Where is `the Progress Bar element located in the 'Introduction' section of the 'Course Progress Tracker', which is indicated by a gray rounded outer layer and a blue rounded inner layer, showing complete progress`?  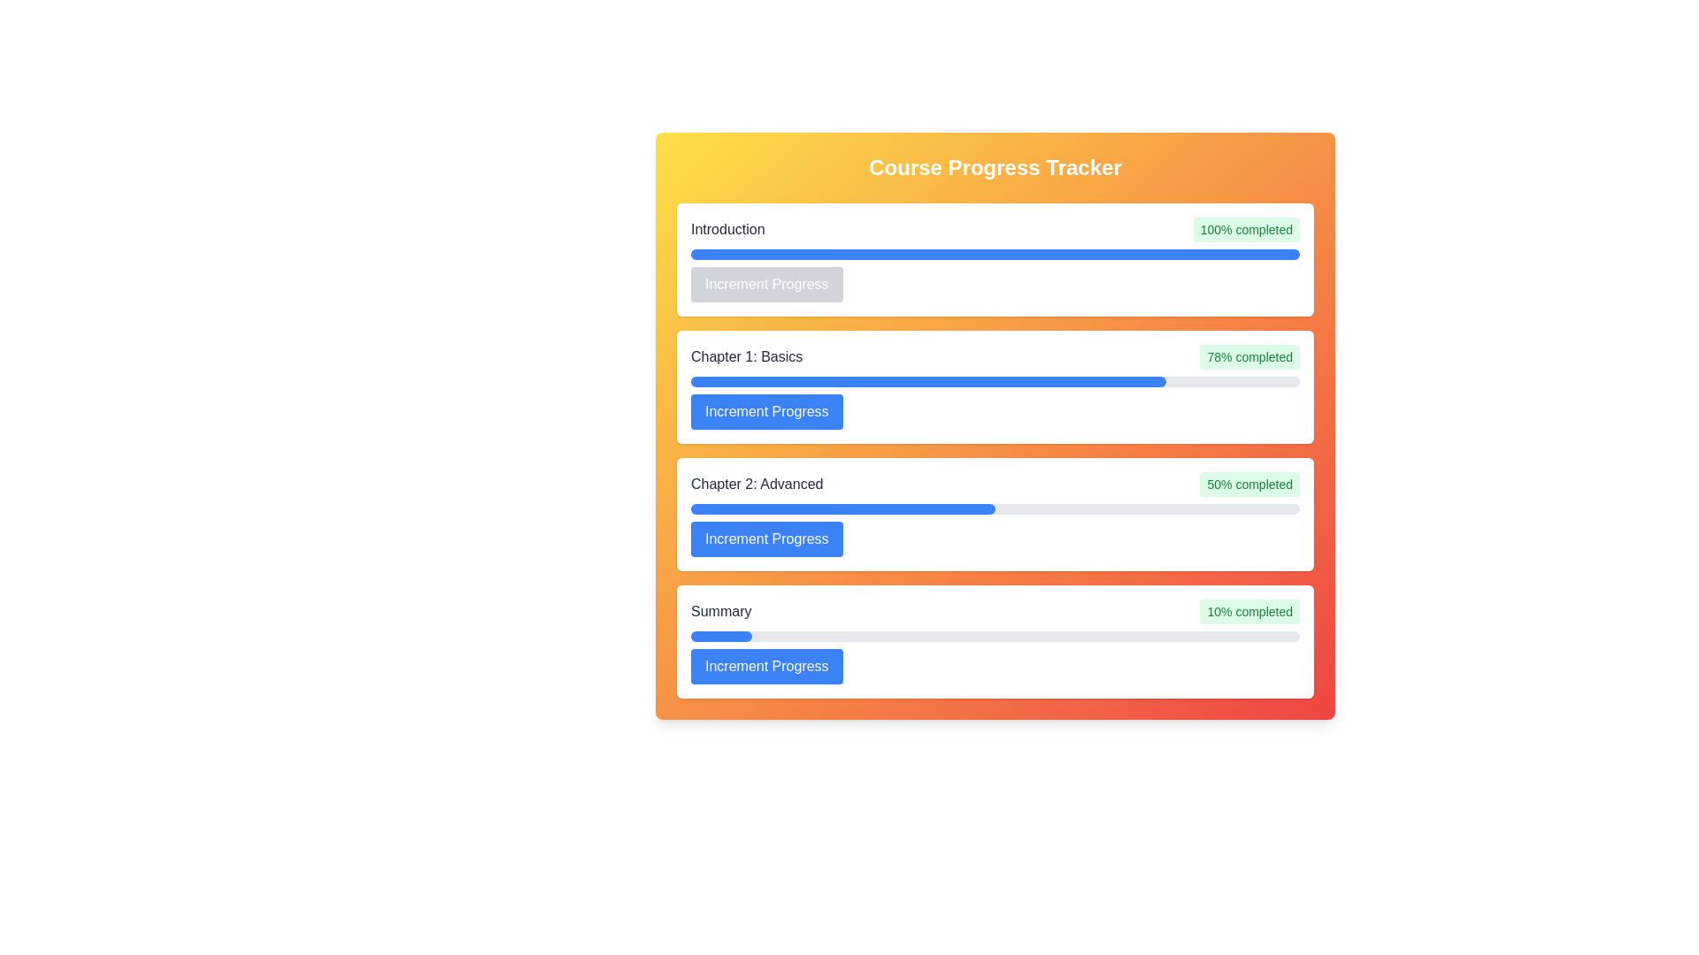
the Progress Bar element located in the 'Introduction' section of the 'Course Progress Tracker', which is indicated by a gray rounded outer layer and a blue rounded inner layer, showing complete progress is located at coordinates (995, 255).